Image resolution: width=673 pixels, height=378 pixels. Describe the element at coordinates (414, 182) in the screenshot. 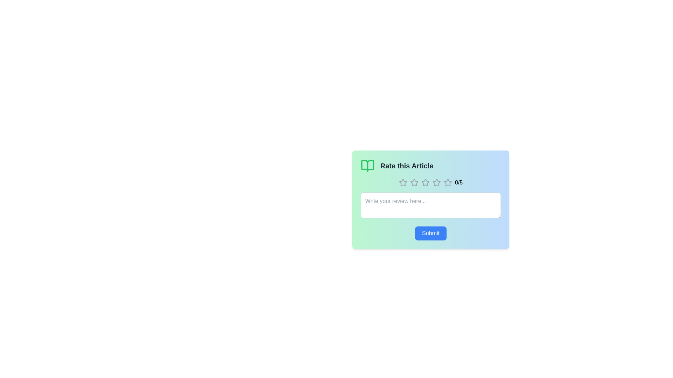

I see `the star corresponding to the rating 2` at that location.